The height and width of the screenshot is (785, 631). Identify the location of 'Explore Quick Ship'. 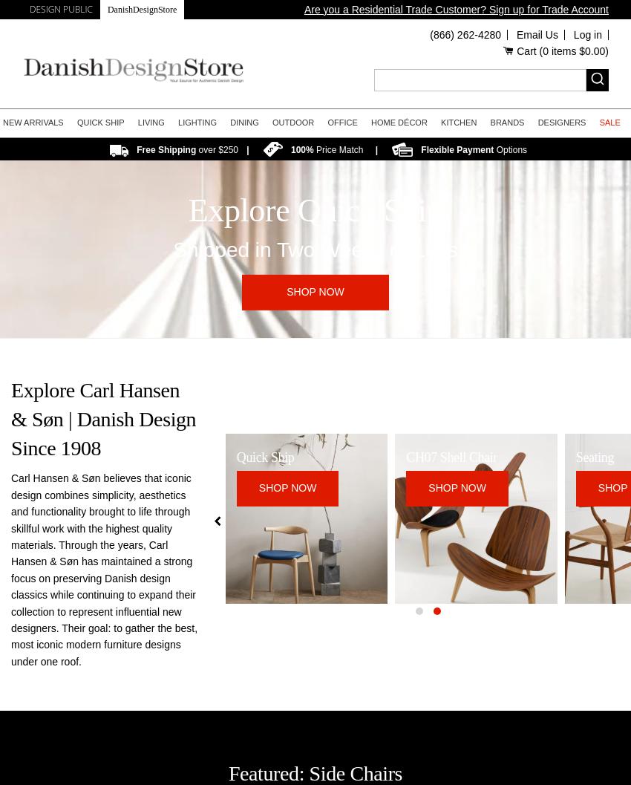
(315, 209).